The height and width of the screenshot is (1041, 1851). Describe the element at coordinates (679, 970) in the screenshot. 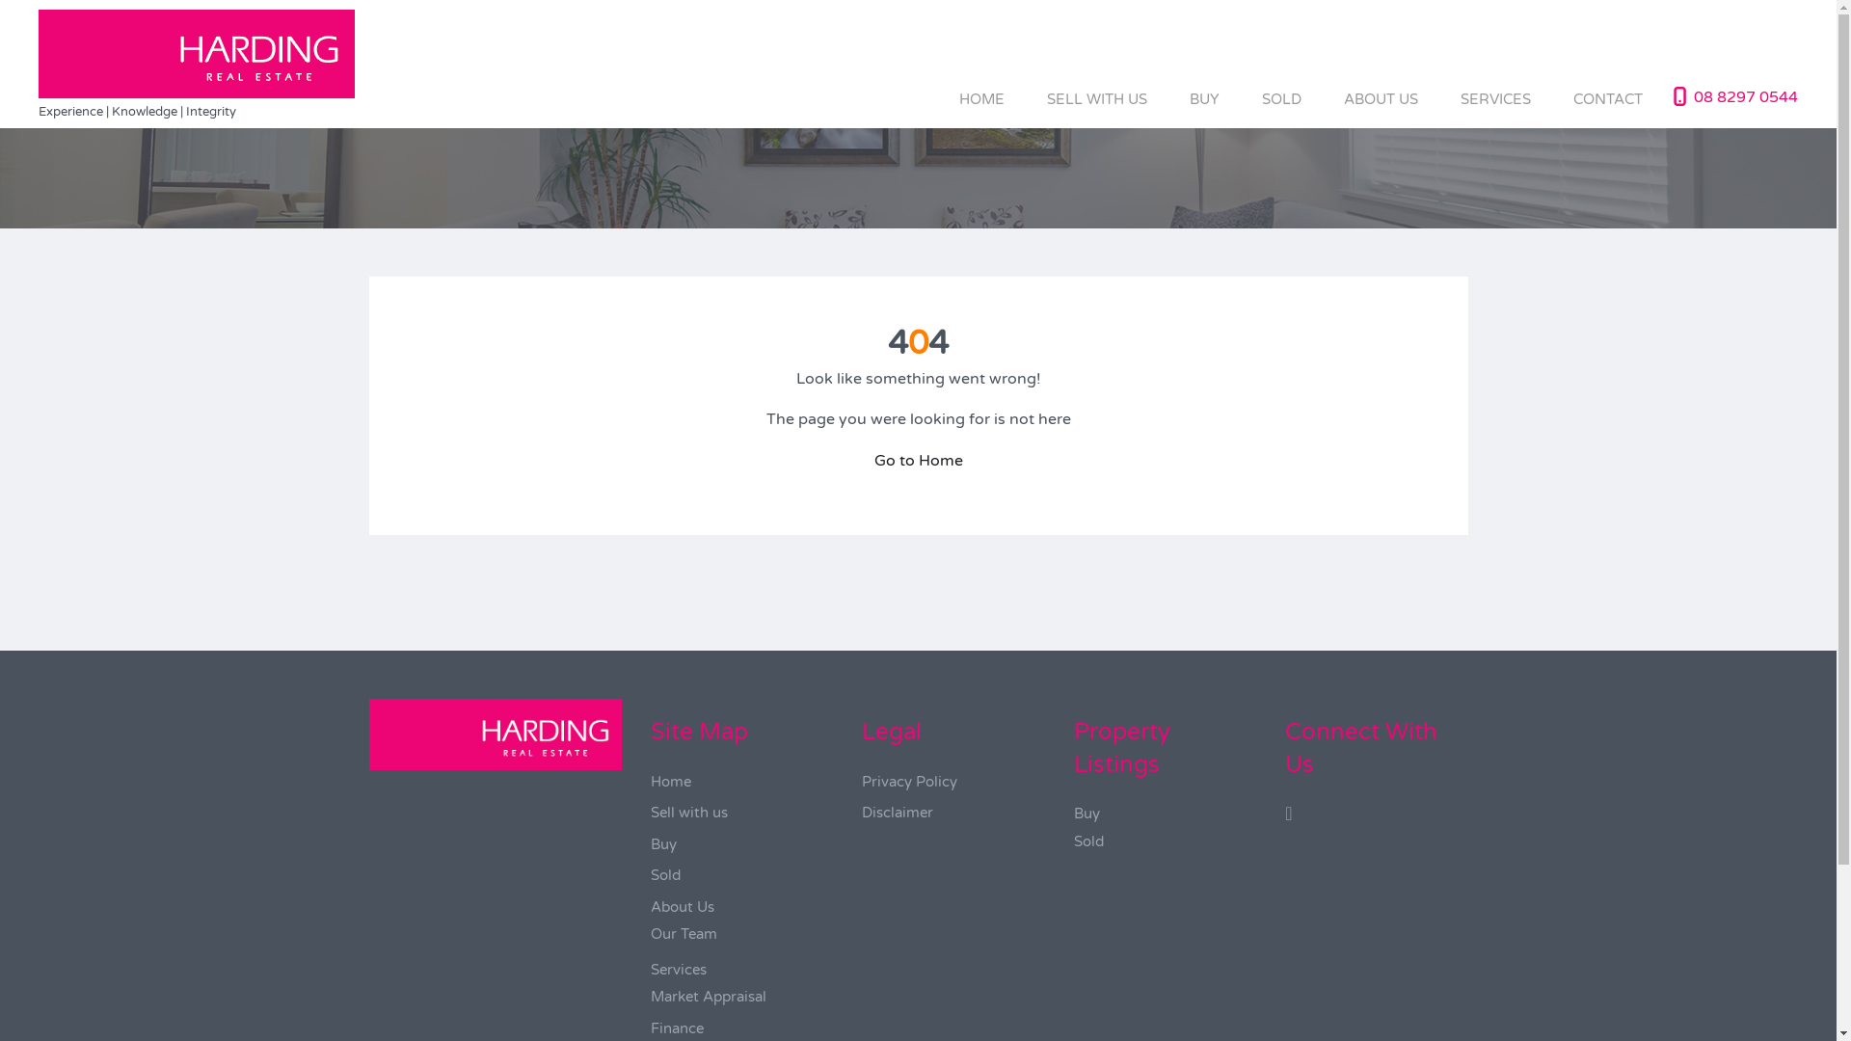

I see `'Services'` at that location.